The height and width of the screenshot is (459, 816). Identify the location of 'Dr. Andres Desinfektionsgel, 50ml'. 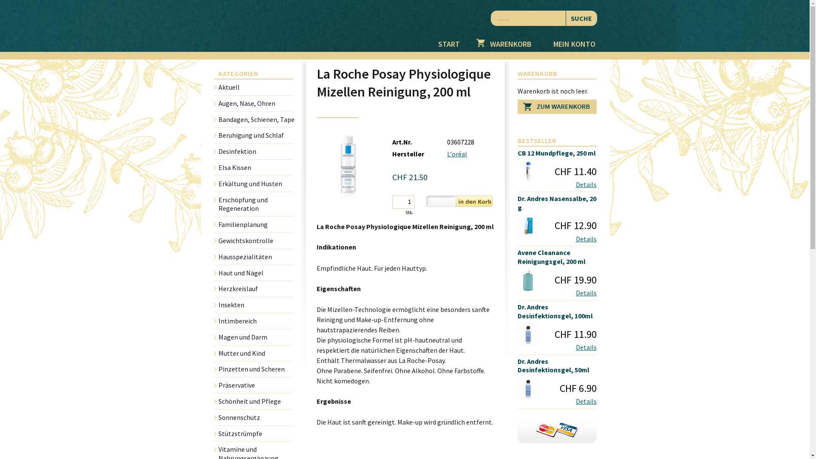
(557, 365).